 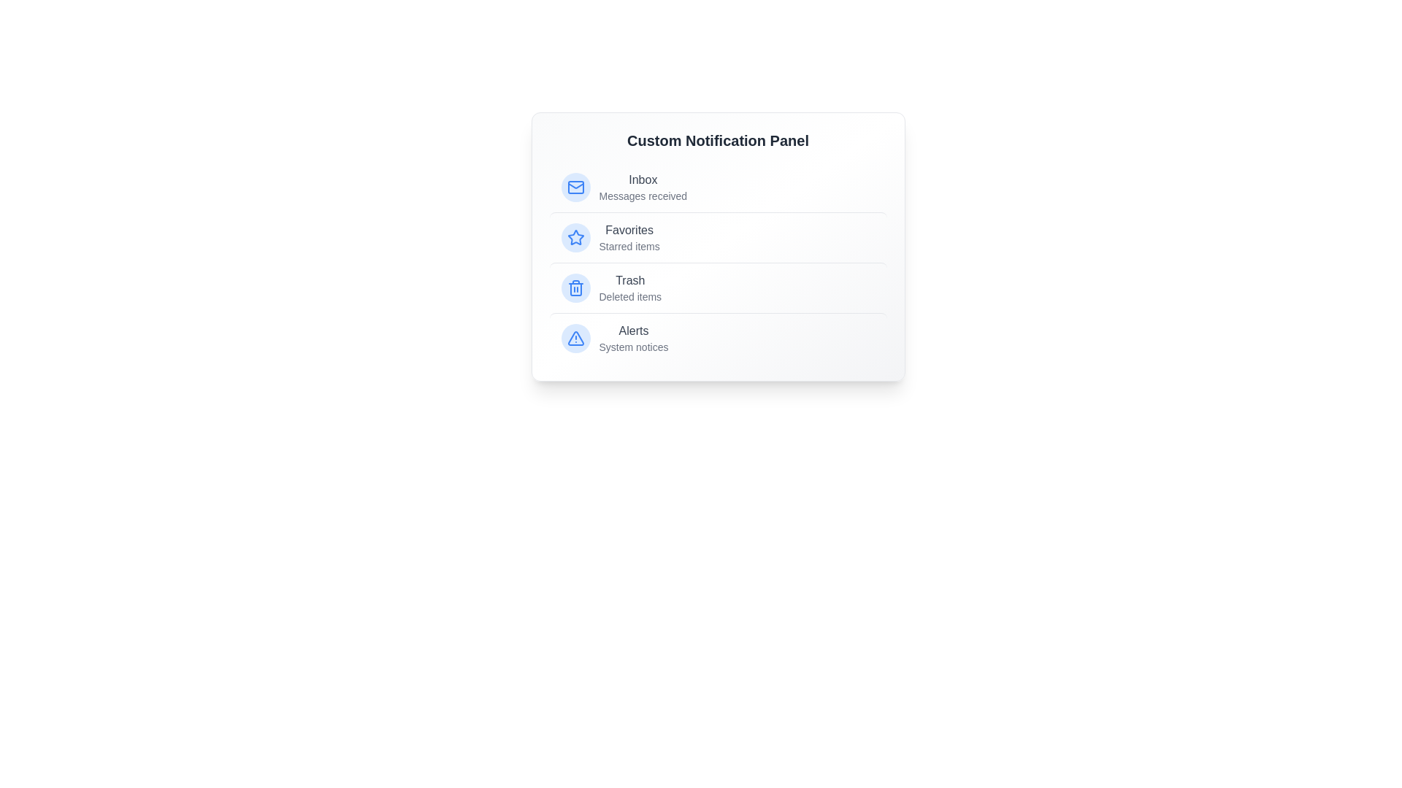 What do you see at coordinates (575, 237) in the screenshot?
I see `the icon associated with the list item Favorites` at bounding box center [575, 237].